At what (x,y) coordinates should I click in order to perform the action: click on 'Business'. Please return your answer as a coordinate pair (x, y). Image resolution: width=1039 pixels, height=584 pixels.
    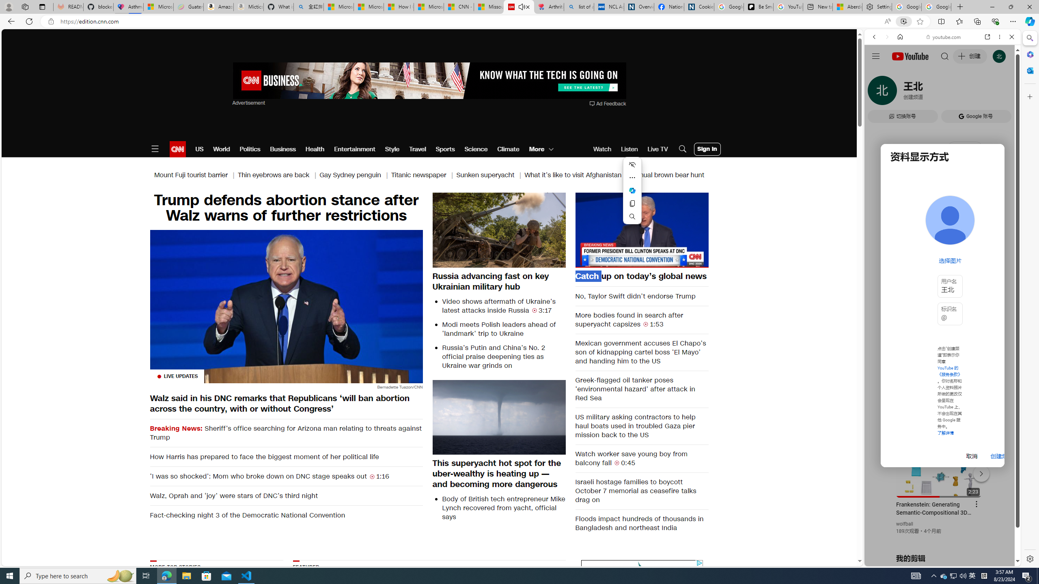
    Looking at the image, I should click on (283, 149).